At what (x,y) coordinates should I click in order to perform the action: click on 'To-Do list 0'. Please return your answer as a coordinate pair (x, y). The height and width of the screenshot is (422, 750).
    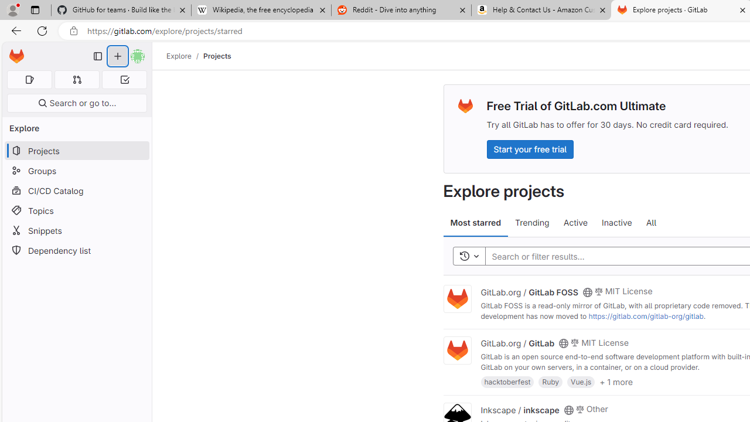
    Looking at the image, I should click on (124, 79).